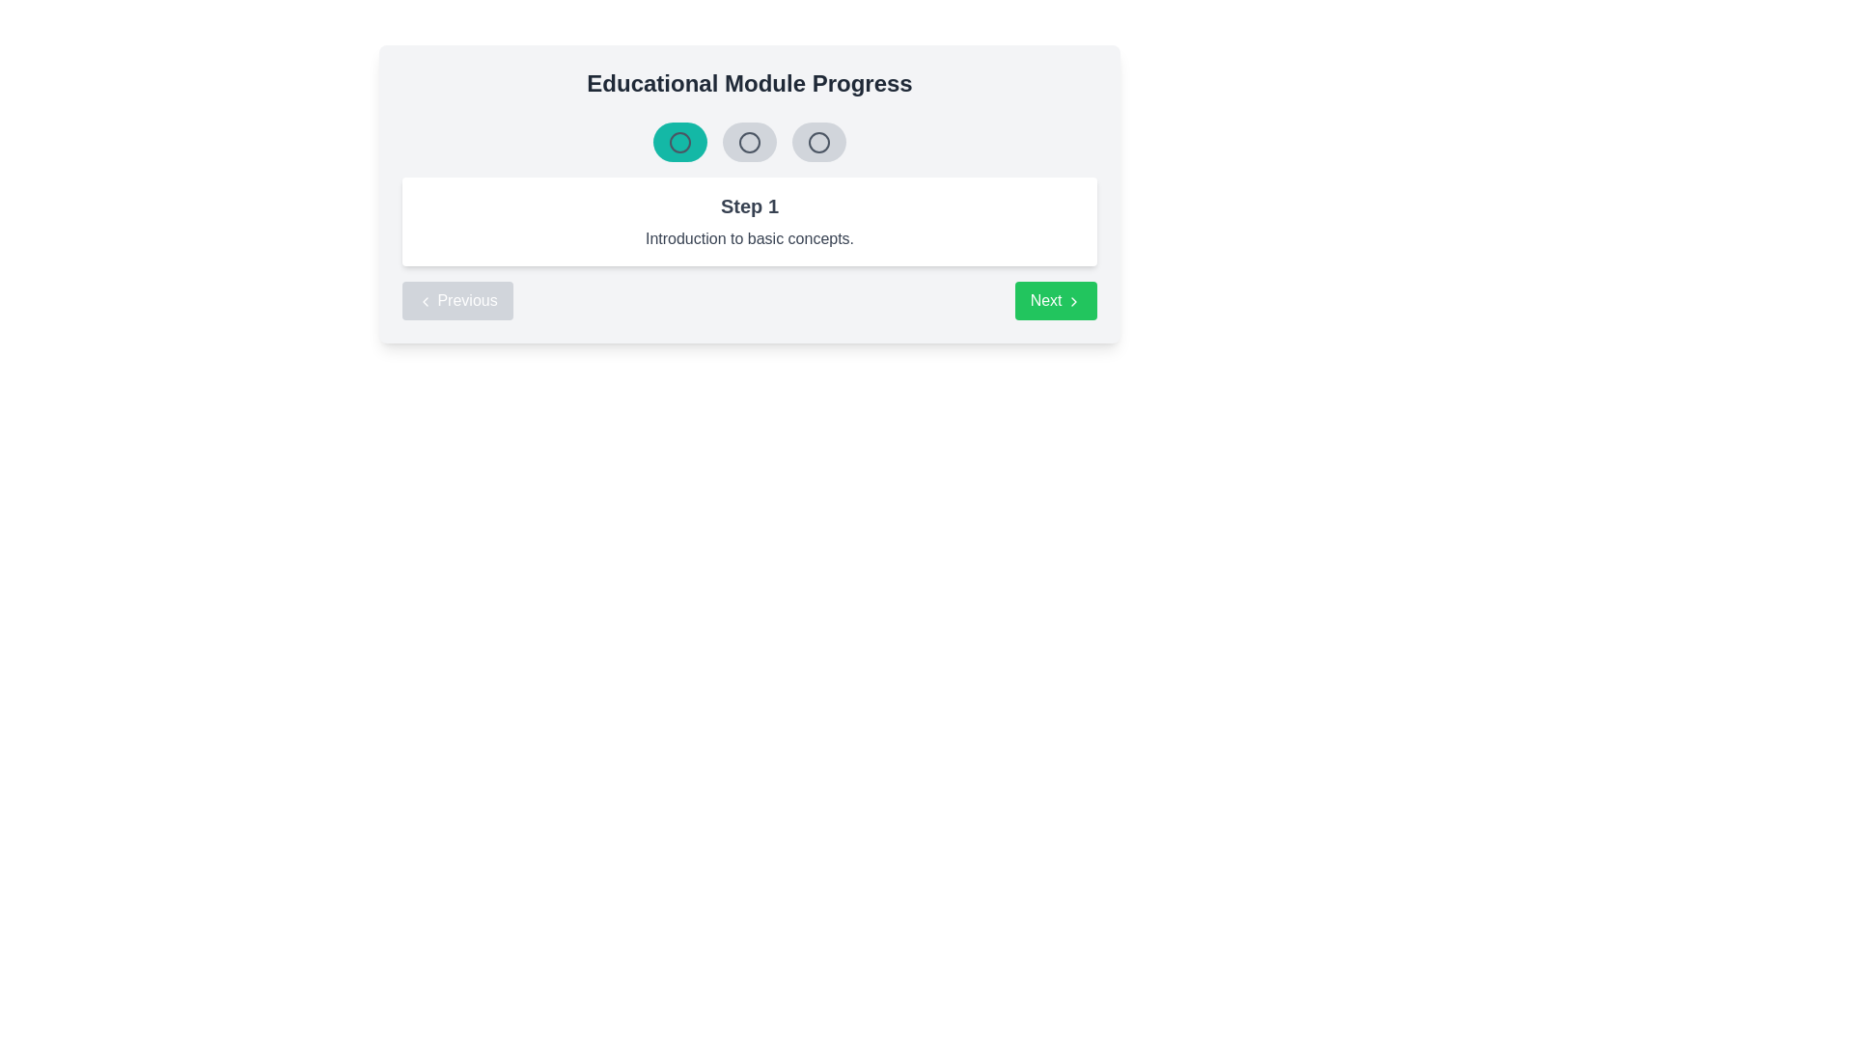 The image size is (1853, 1042). What do you see at coordinates (819, 140) in the screenshot?
I see `the third circular icon at the top center of the interface, which serves as a status or progress indicator` at bounding box center [819, 140].